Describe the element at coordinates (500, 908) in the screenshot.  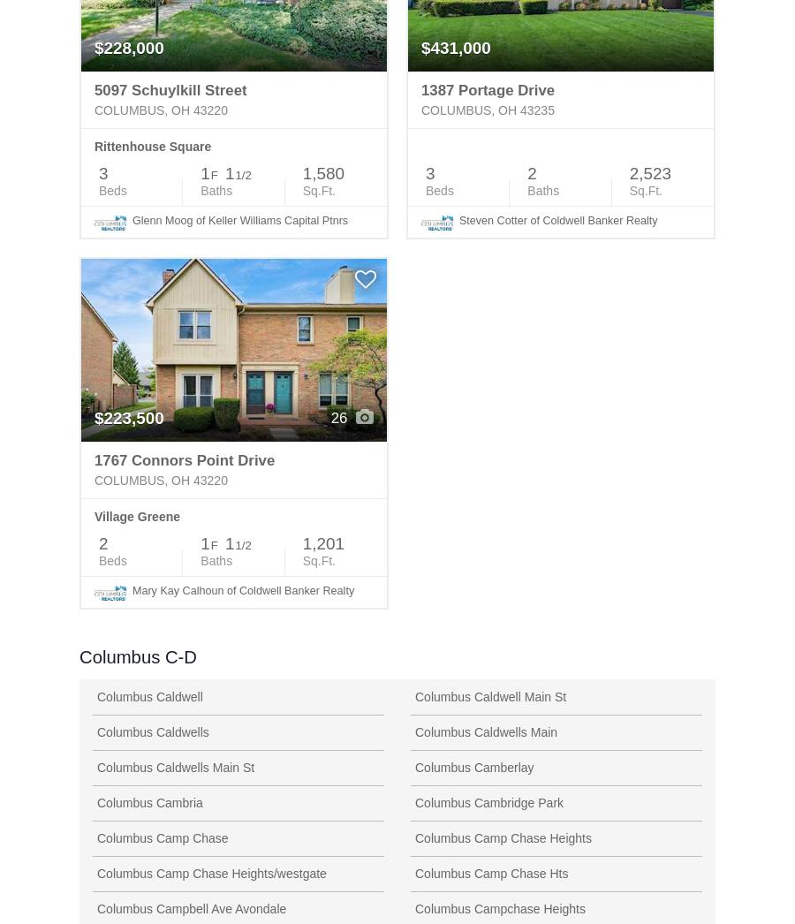
I see `'Columbus Campchase Heights'` at that location.